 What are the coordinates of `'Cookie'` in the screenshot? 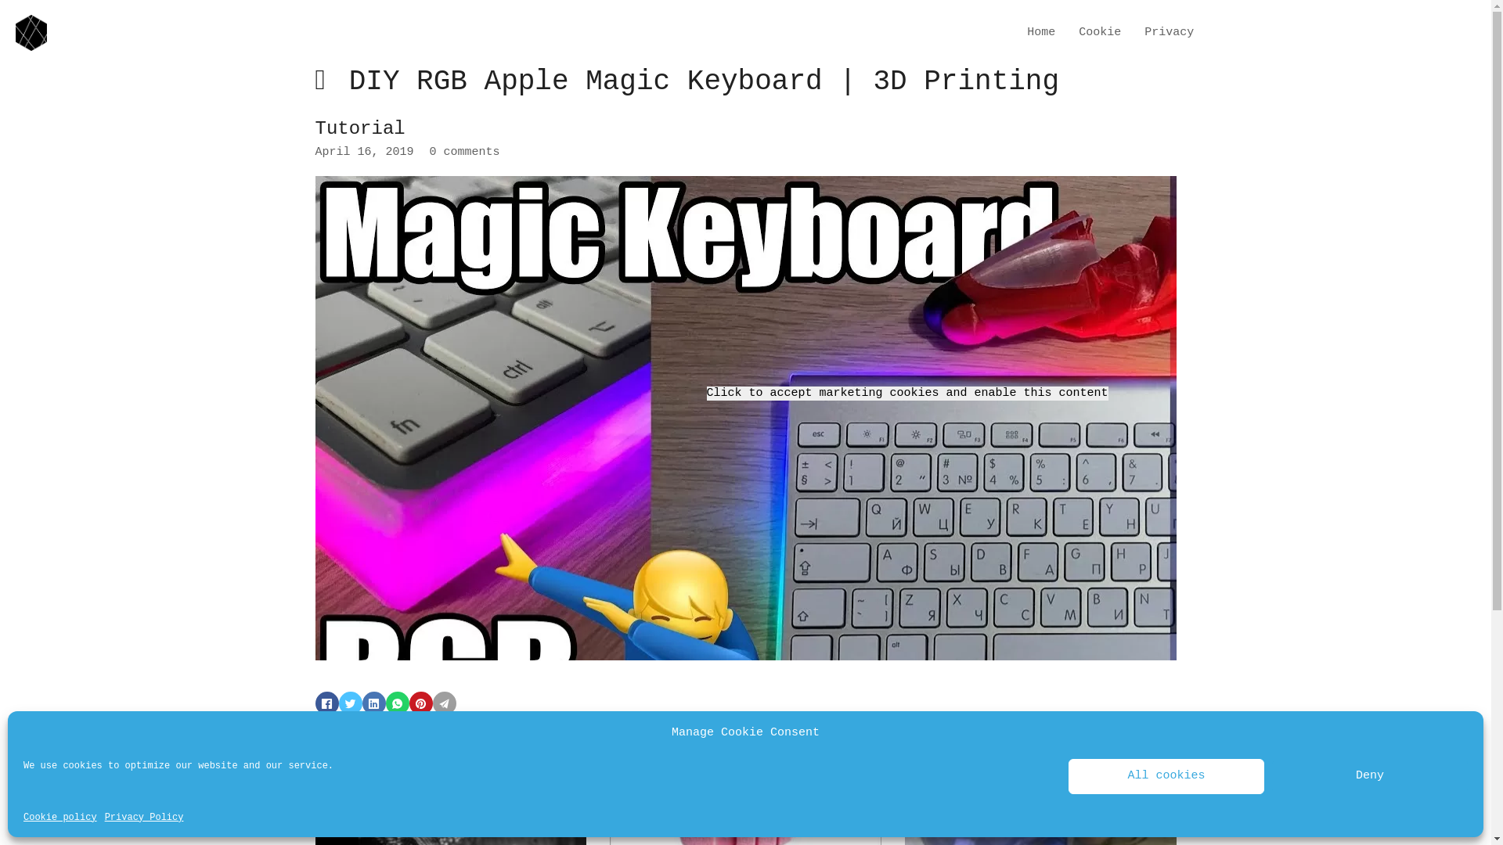 It's located at (1099, 33).